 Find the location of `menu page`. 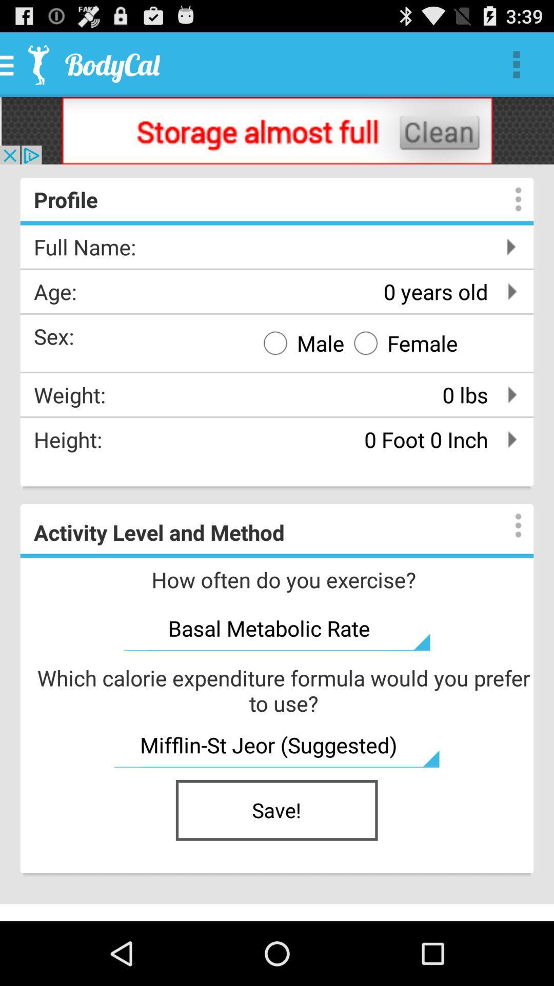

menu page is located at coordinates (508, 525).